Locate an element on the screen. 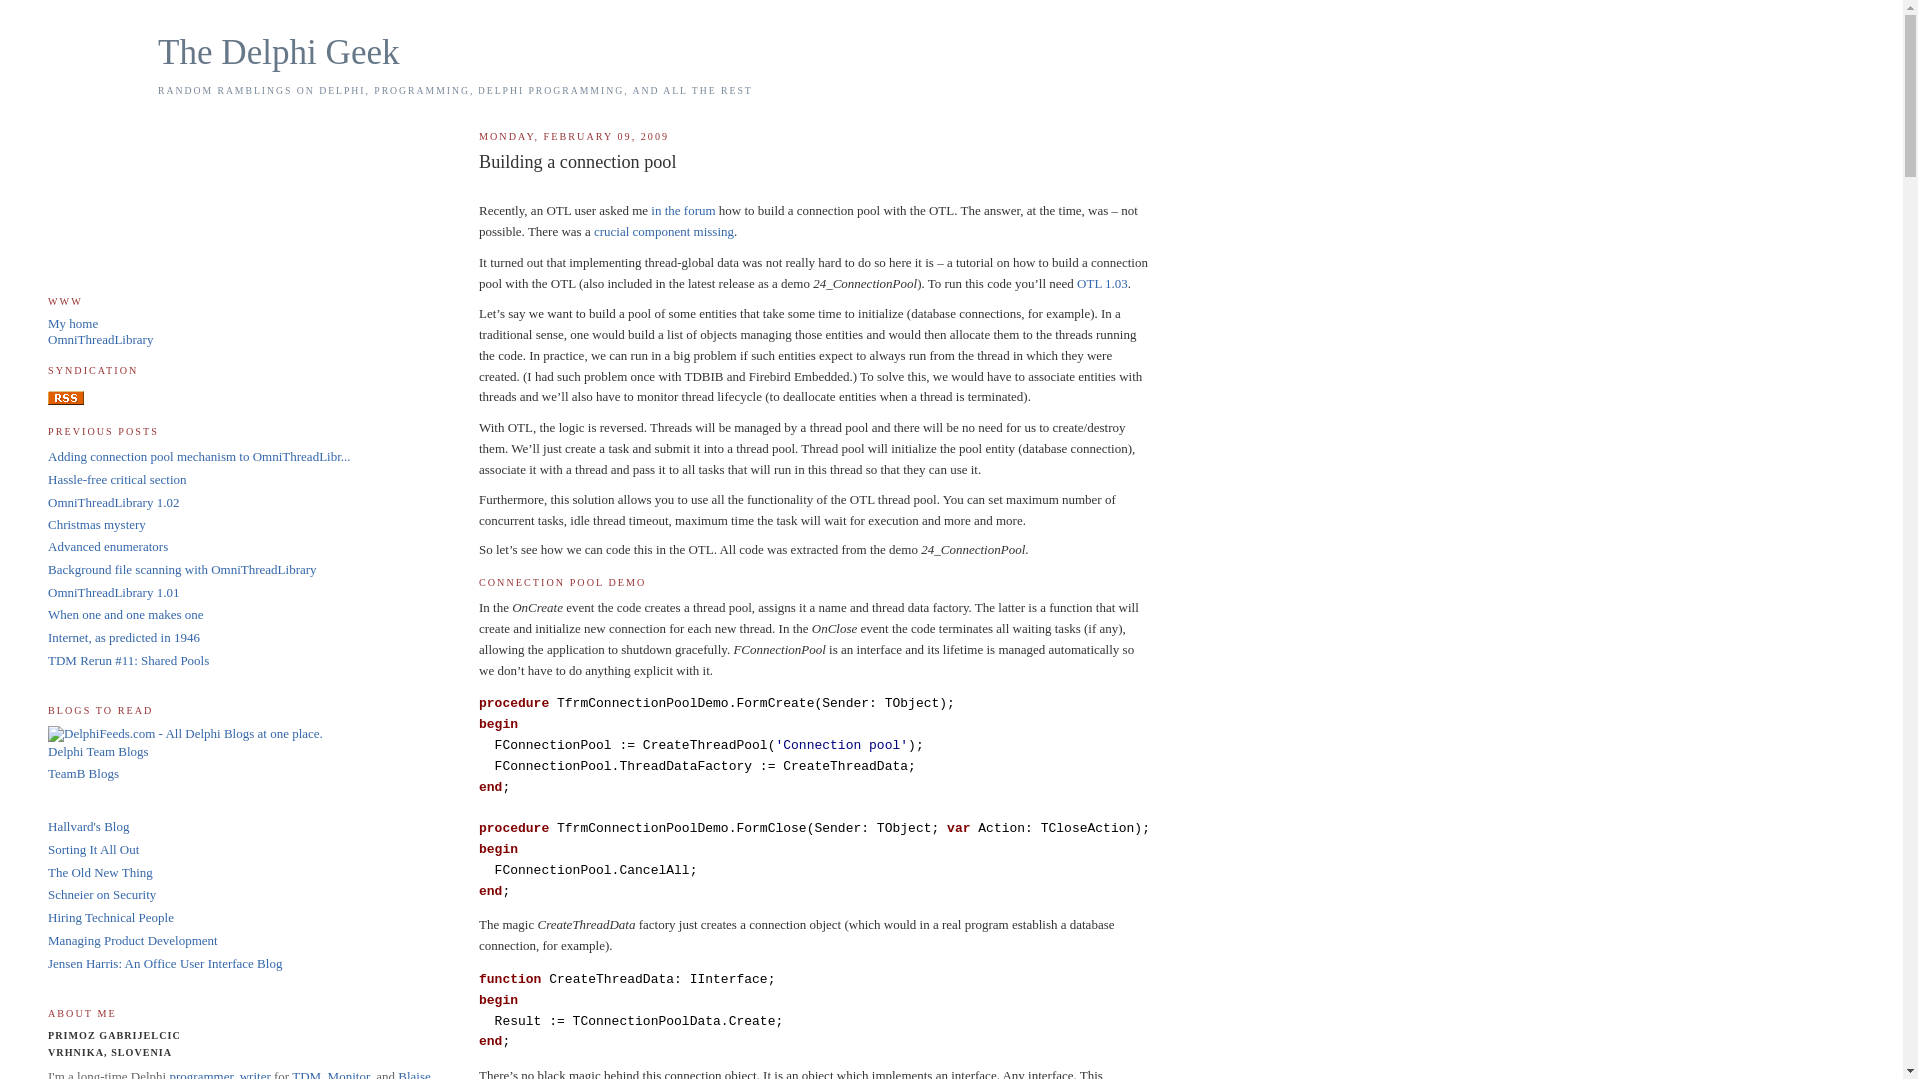 The height and width of the screenshot is (1079, 1918). 'The Old New Thing' is located at coordinates (99, 871).